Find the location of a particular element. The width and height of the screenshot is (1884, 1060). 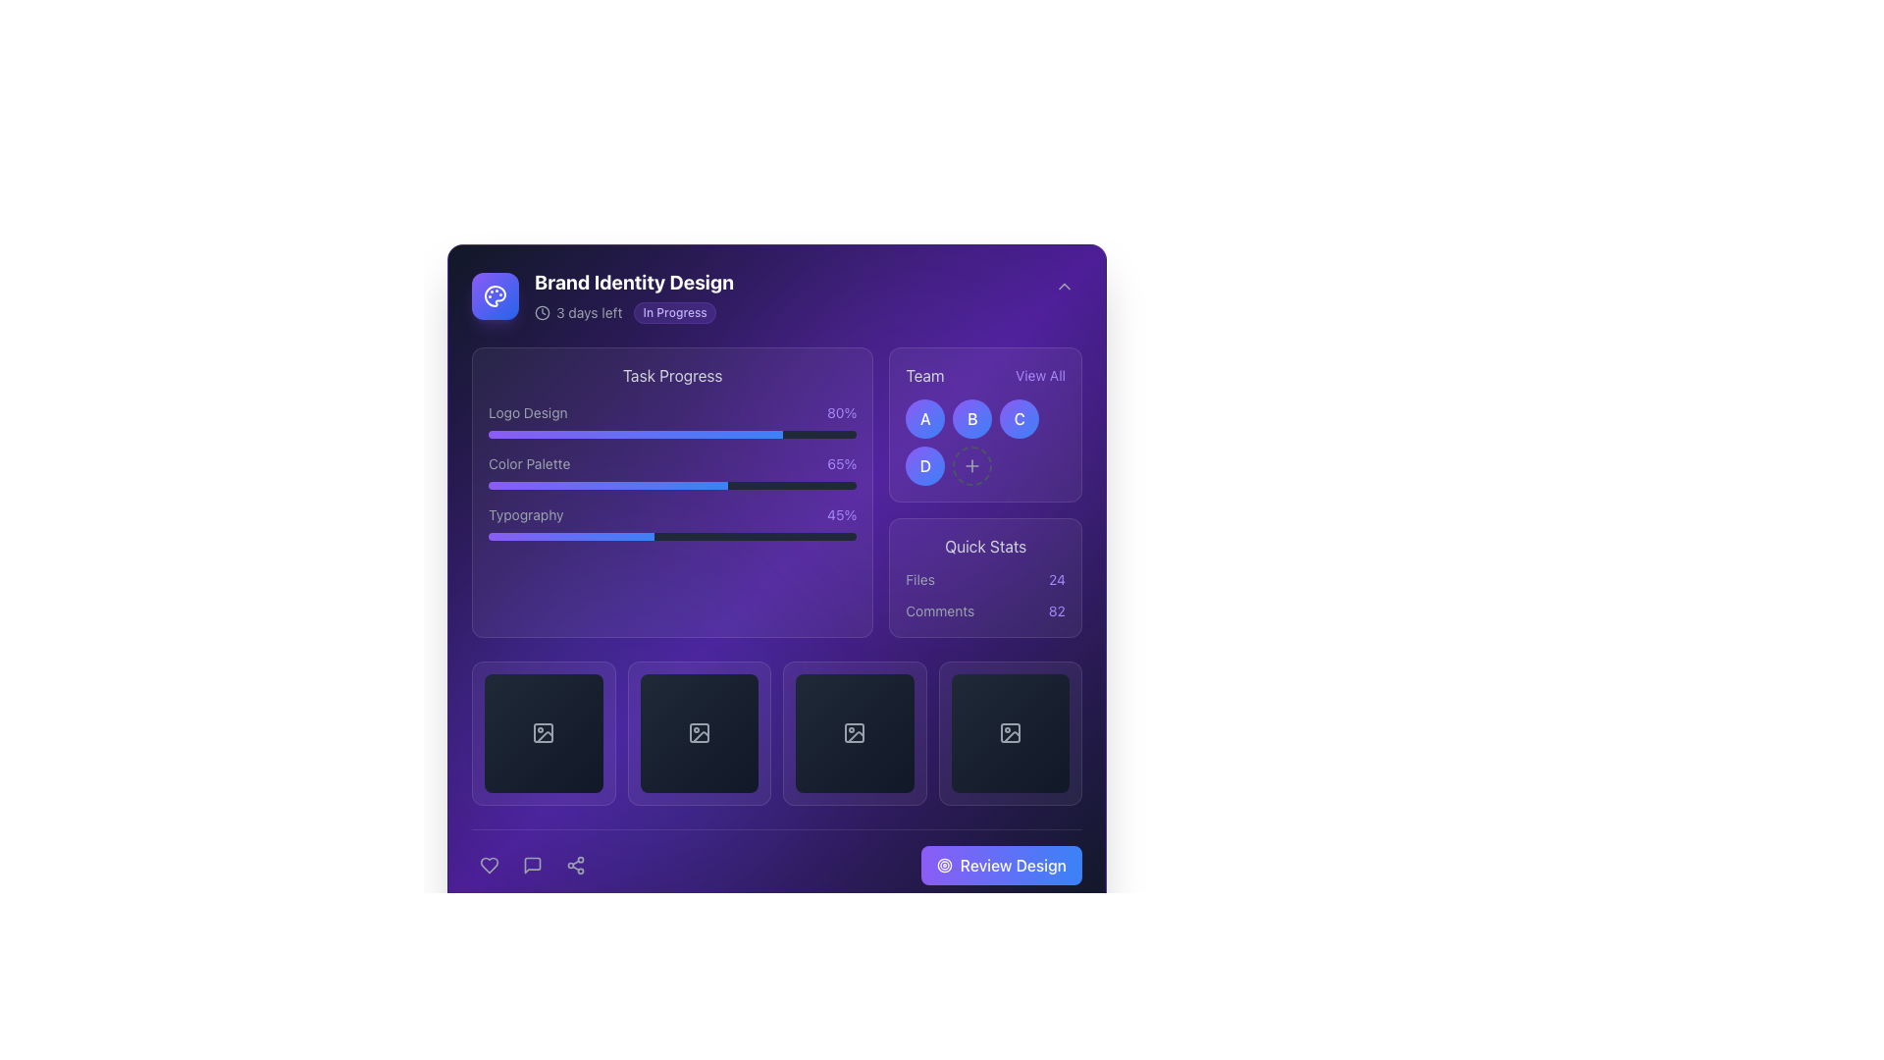

the progress bar indicating the task 'Color Palette', which shows that 65% of the task is completed, located in the 'Task Progress' section is located at coordinates (672, 472).